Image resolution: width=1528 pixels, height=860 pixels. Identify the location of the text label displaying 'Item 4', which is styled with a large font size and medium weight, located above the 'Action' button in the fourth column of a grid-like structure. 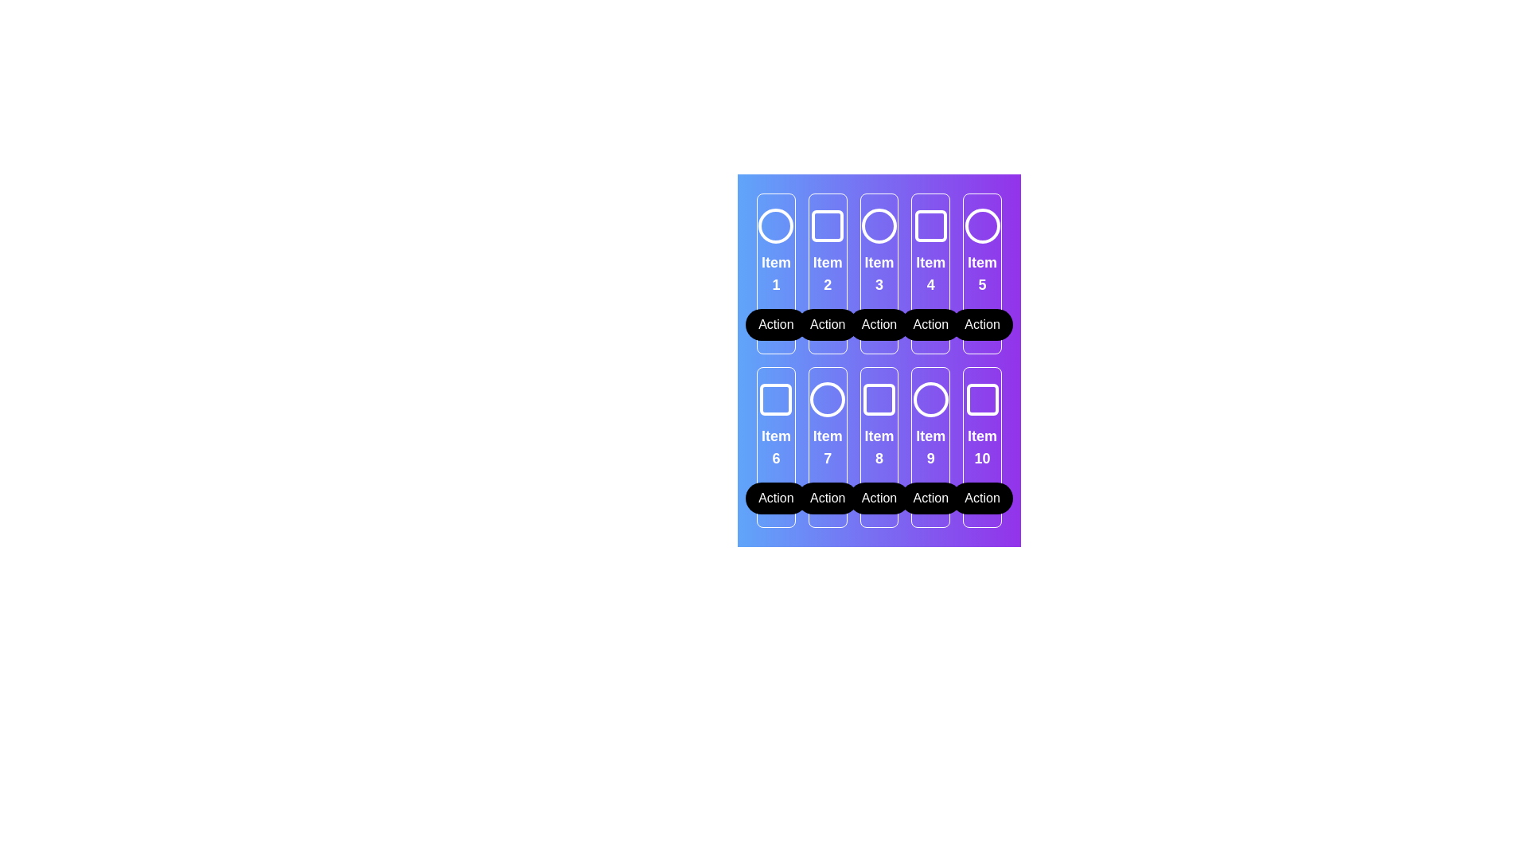
(930, 272).